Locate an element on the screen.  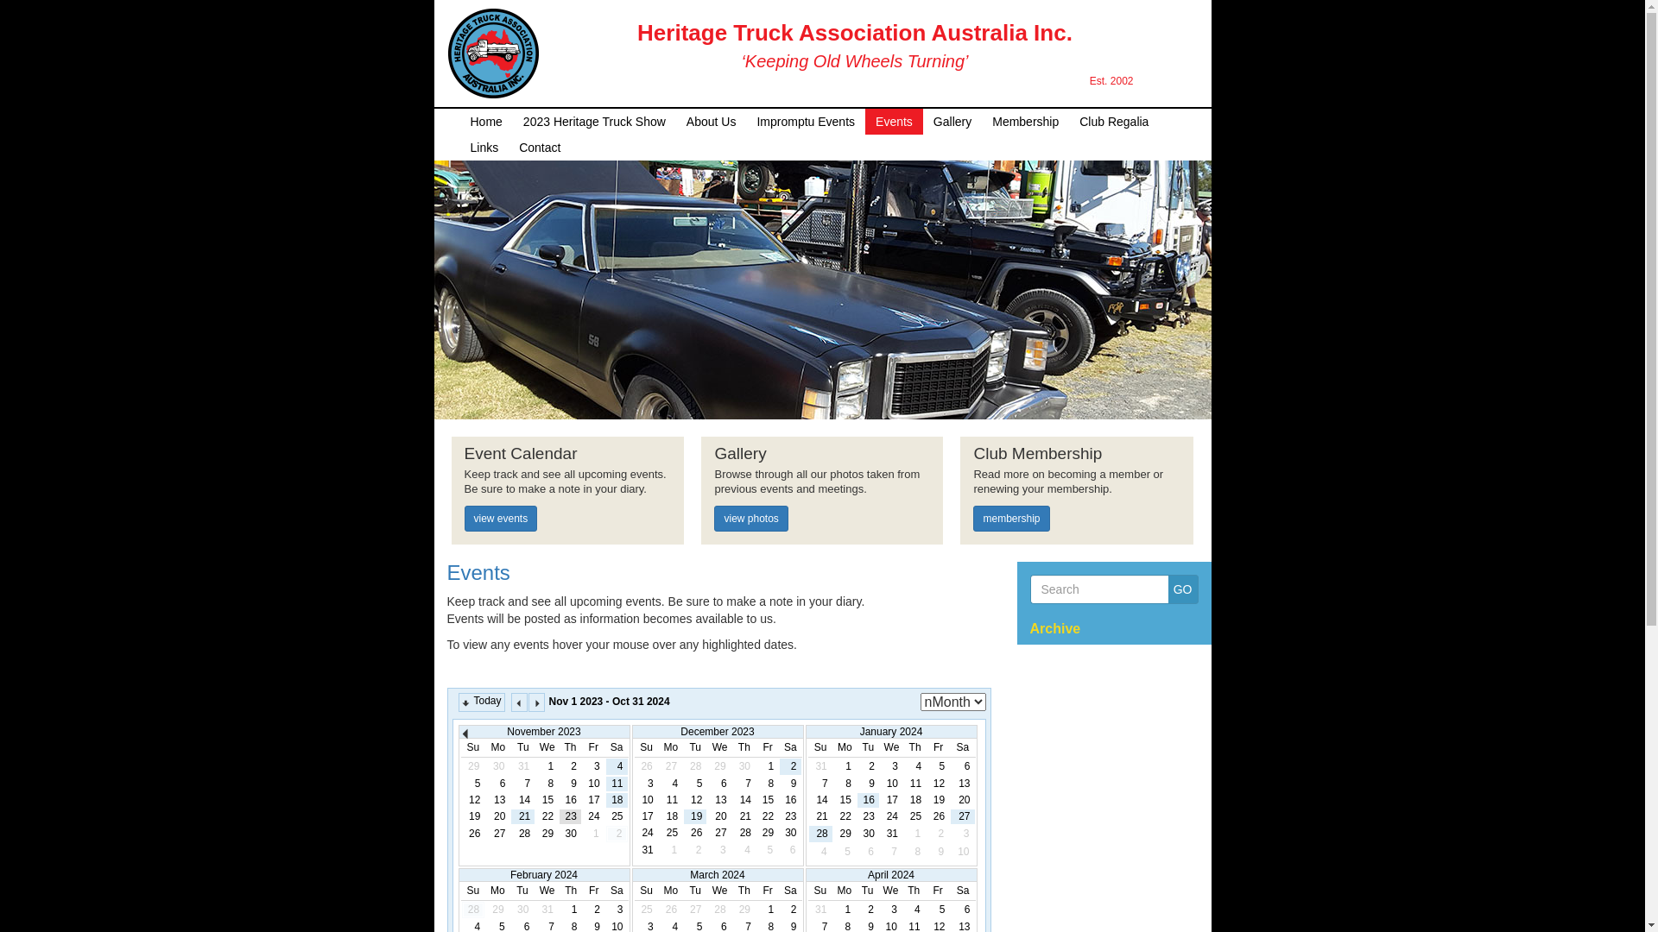
'Prev' is located at coordinates (468, 735).